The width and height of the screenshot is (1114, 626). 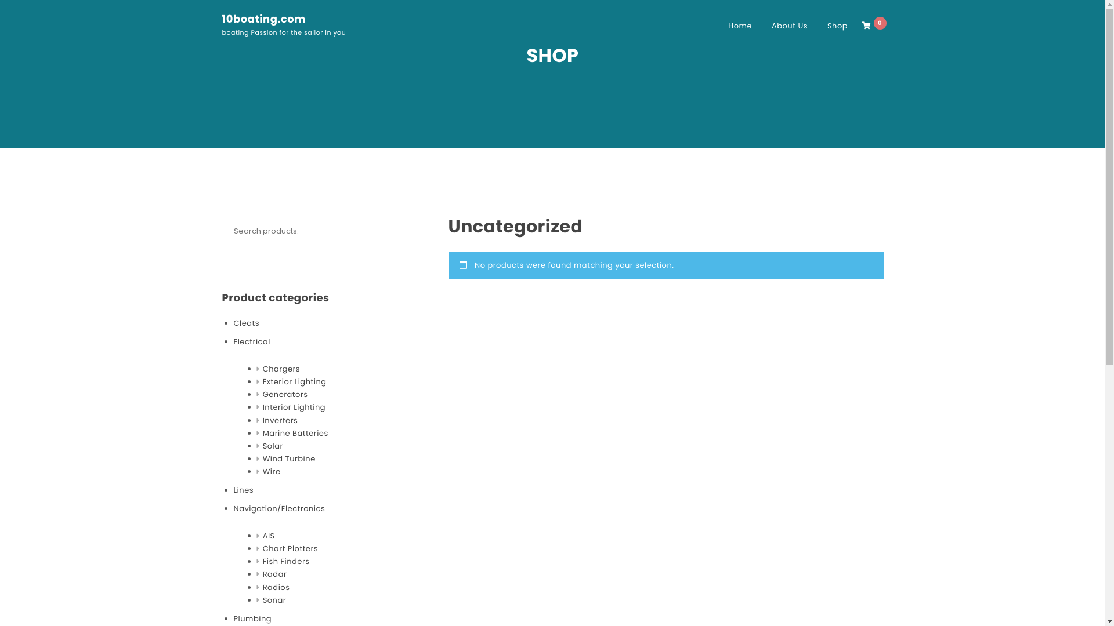 I want to click on 'Solar', so click(x=272, y=446).